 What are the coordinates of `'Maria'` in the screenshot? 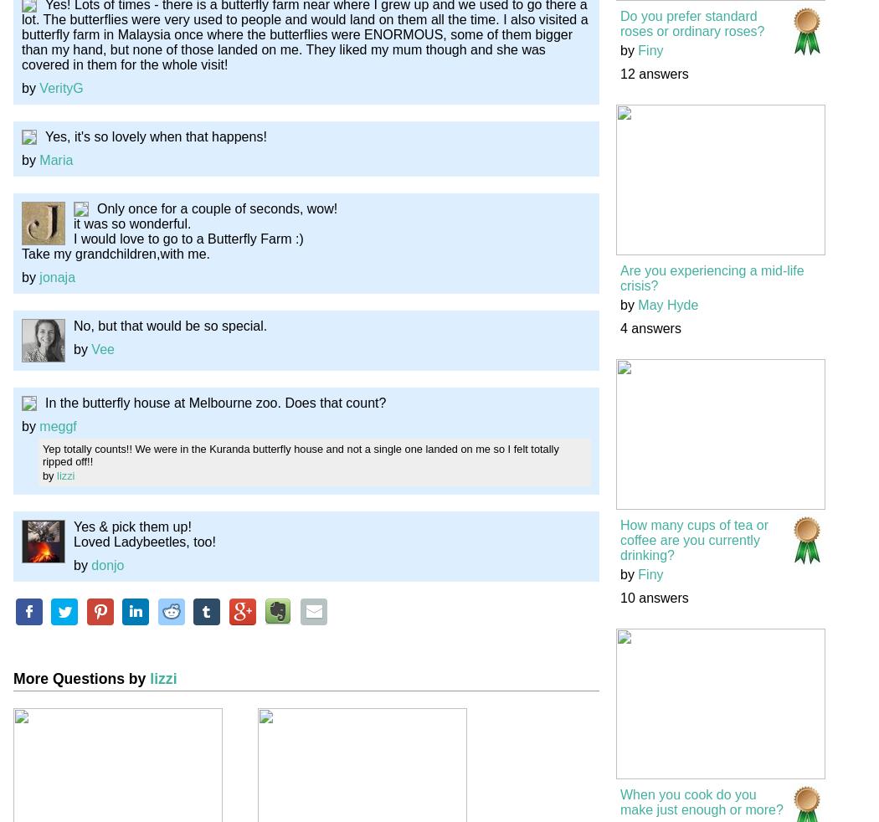 It's located at (39, 158).